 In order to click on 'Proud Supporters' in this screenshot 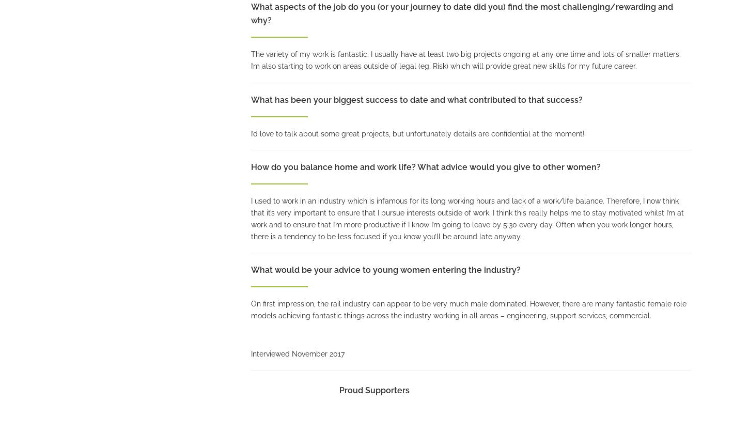, I will do `click(374, 390)`.